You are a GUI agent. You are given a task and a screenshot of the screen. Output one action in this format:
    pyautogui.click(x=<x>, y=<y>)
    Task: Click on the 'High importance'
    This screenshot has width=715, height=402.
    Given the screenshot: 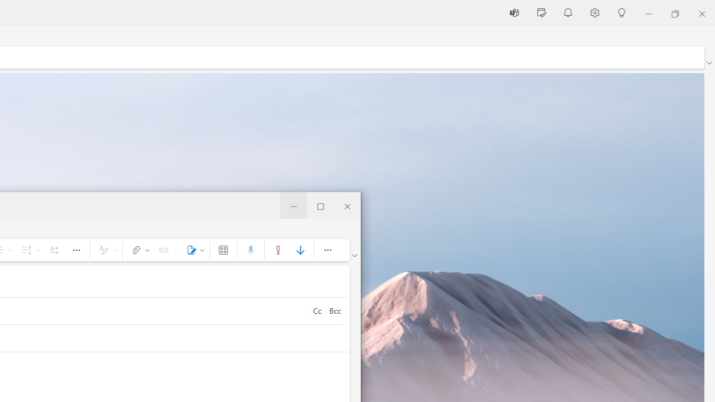 What is the action you would take?
    pyautogui.click(x=278, y=249)
    